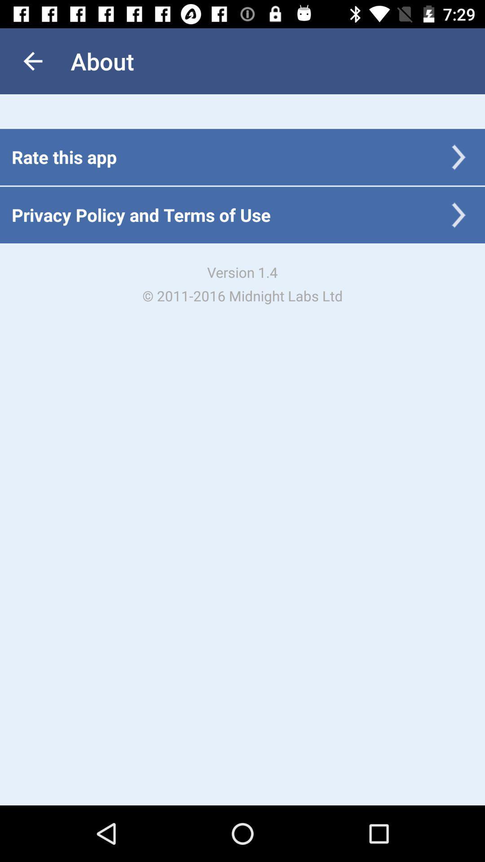 This screenshot has width=485, height=862. I want to click on the version 1 4 icon, so click(242, 283).